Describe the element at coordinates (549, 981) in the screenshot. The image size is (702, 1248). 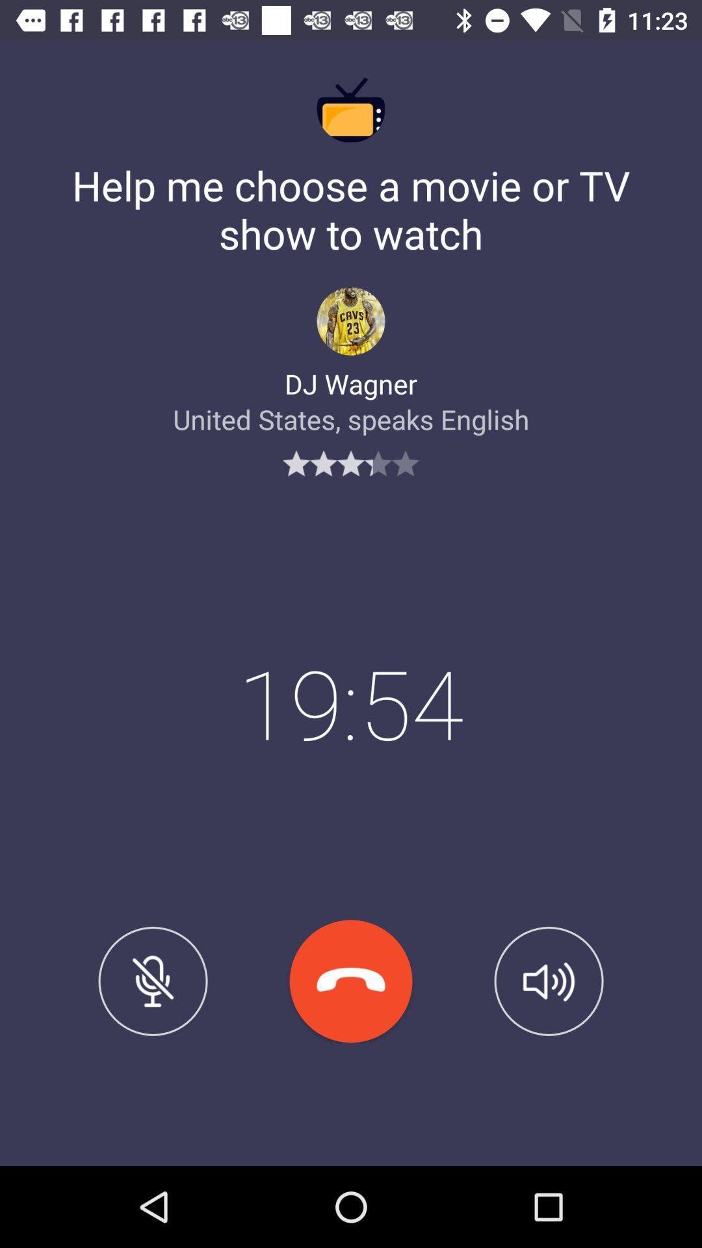
I see `the item below united states speaks icon` at that location.